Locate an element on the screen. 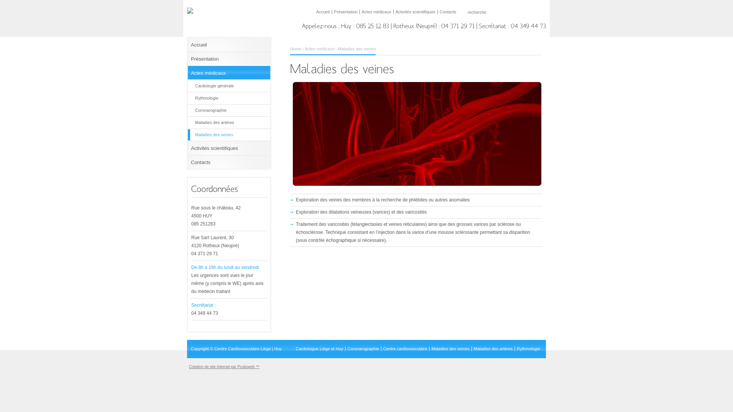 The image size is (733, 412). 'Accueil' is located at coordinates (229, 45).